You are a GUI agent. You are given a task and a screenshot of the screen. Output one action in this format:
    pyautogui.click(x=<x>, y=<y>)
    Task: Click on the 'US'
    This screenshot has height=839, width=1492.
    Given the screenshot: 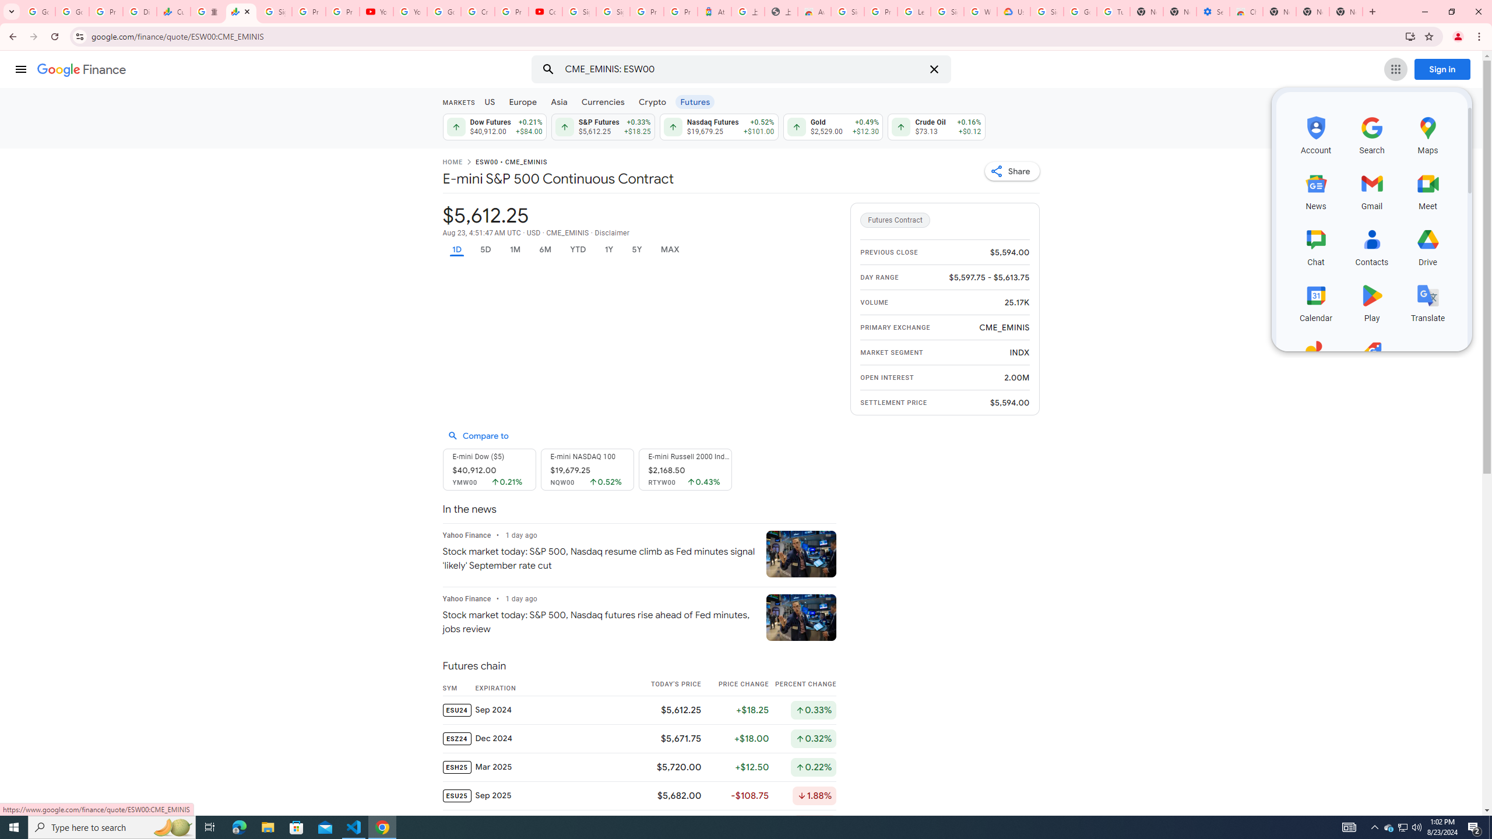 What is the action you would take?
    pyautogui.click(x=489, y=101)
    